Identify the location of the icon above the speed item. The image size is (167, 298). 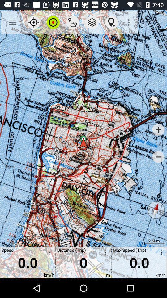
(12, 22).